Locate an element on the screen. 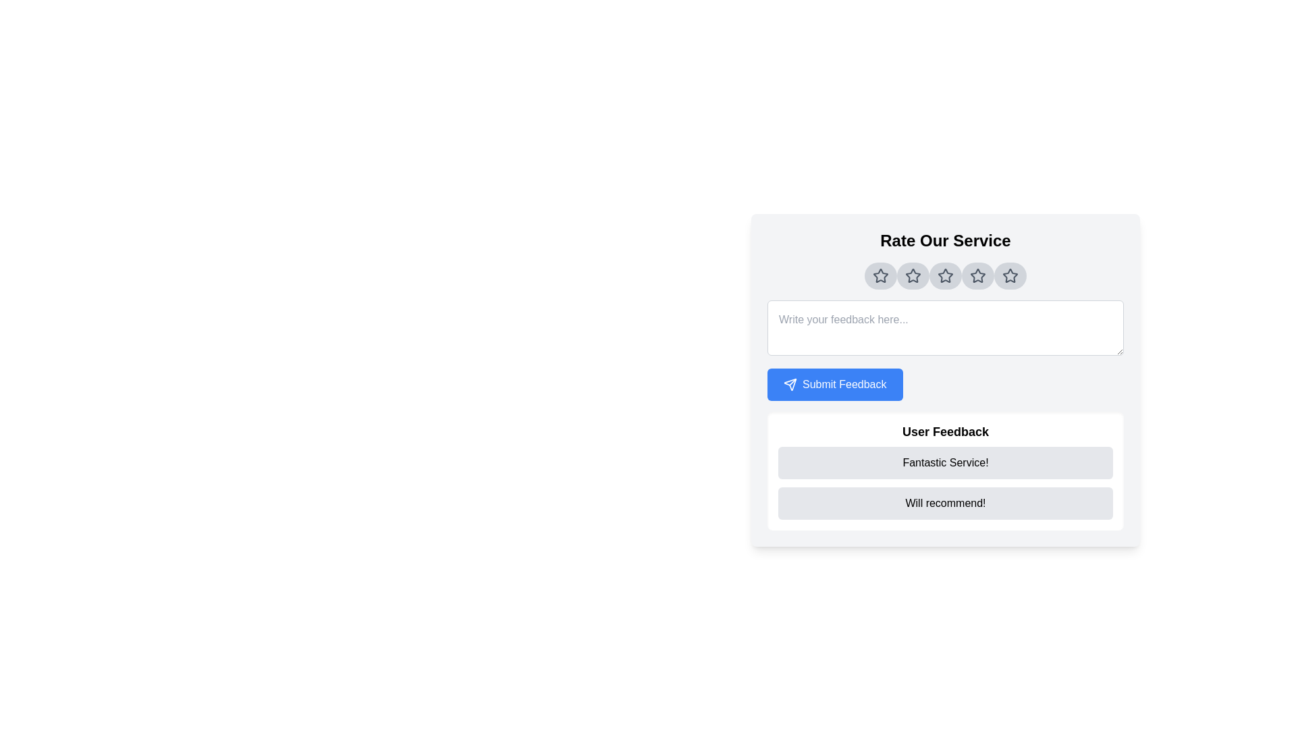 The height and width of the screenshot is (729, 1296). the 4th star icon in the star rating system under the 'Rate Our Service' header to rate it is located at coordinates (978, 275).